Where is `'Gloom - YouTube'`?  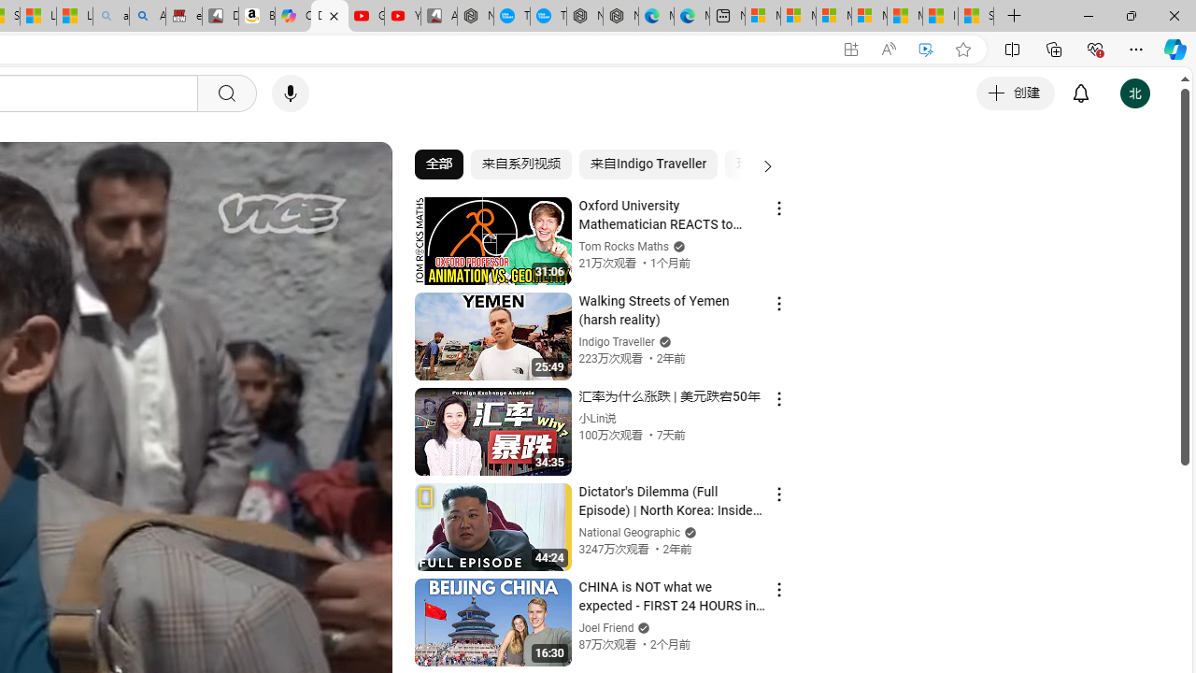 'Gloom - YouTube' is located at coordinates (365, 16).